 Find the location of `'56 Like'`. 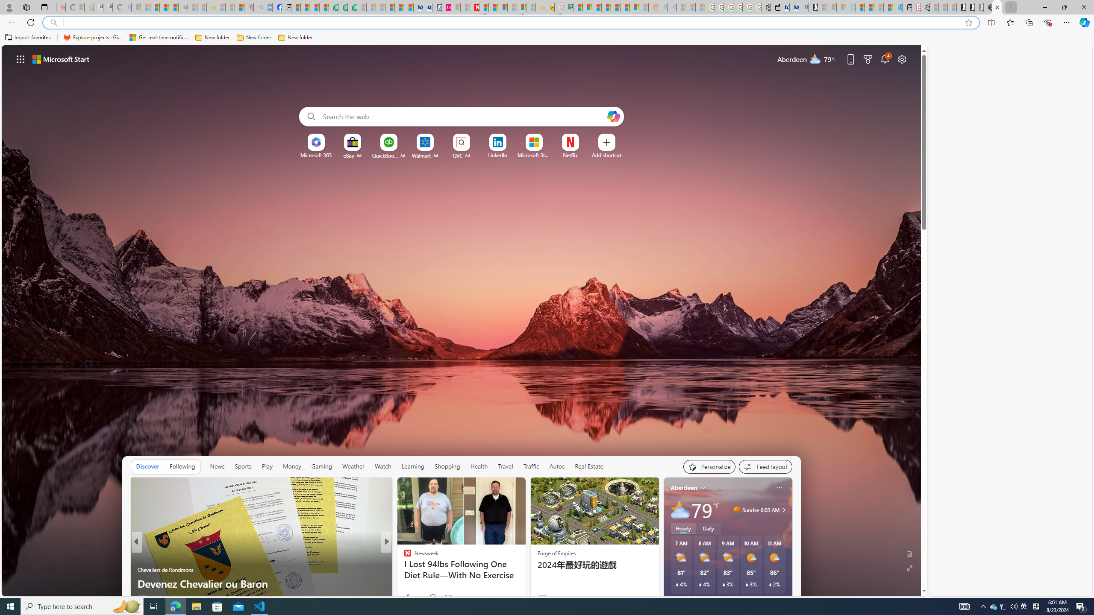

'56 Like' is located at coordinates (408, 598).